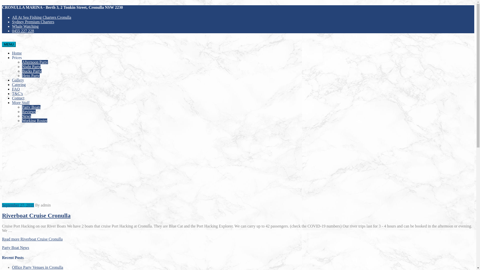  I want to click on 'FAQ', so click(16, 89).